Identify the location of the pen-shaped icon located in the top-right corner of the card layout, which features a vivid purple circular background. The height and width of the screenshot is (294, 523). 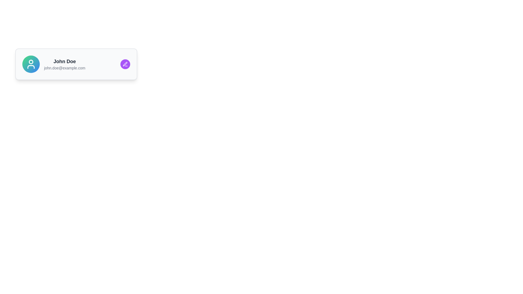
(125, 64).